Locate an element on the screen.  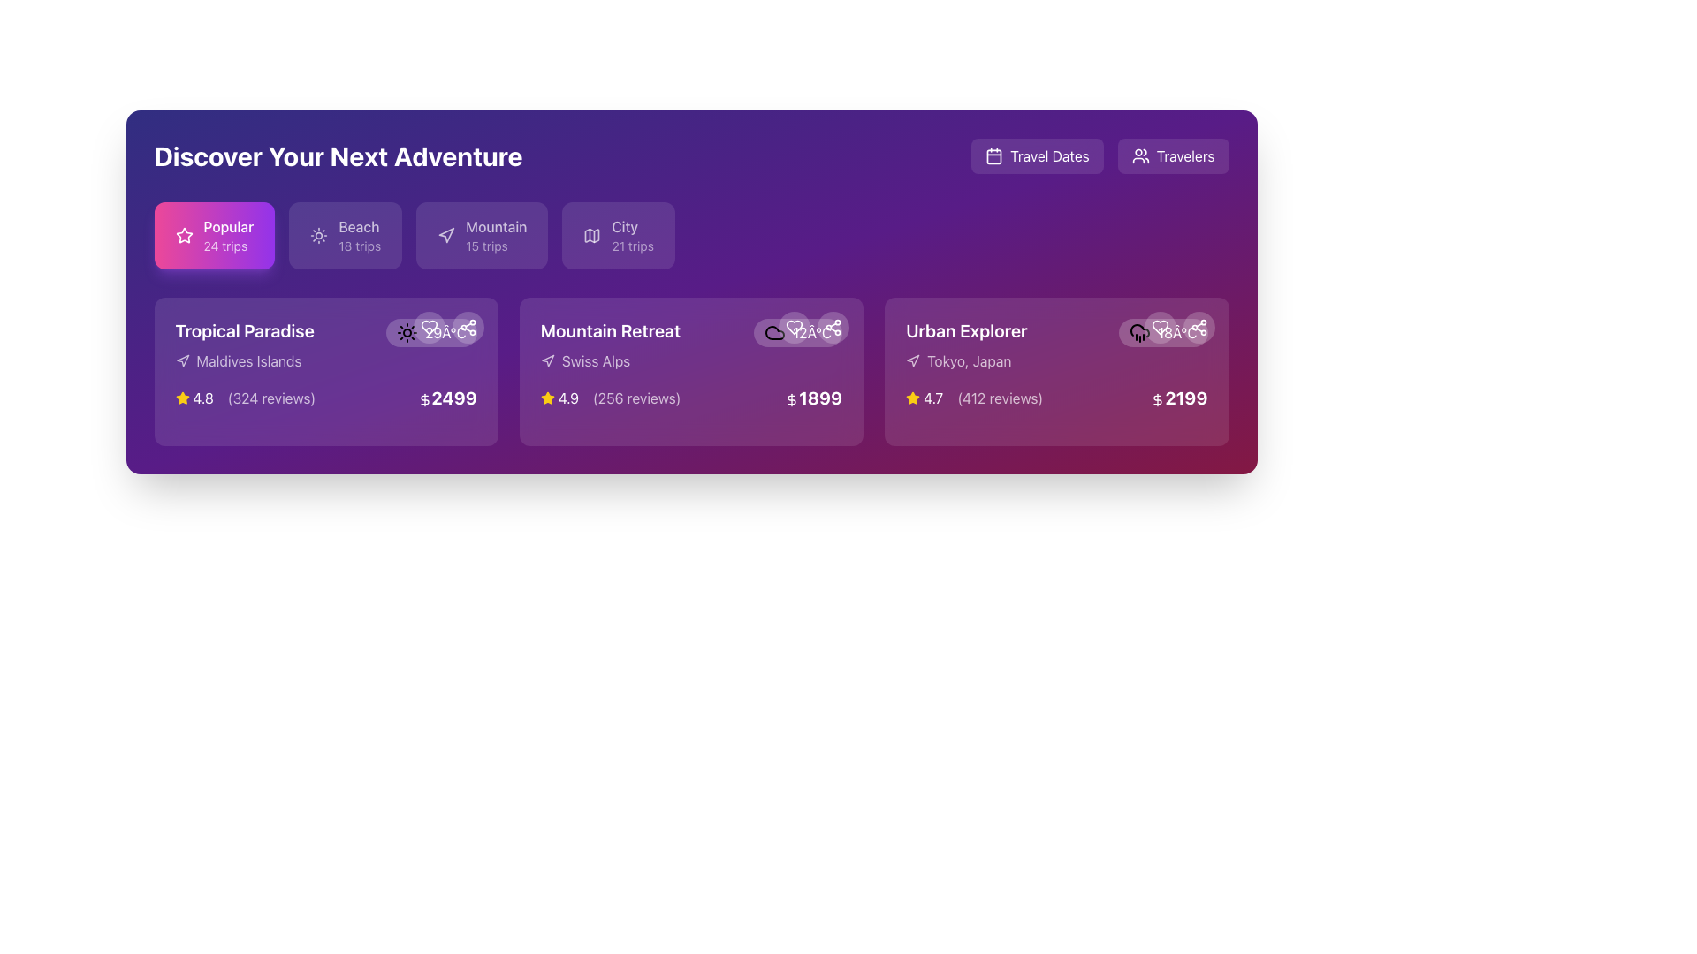
the 'Popular' category filter button, which is the first button in a horizontal series of four buttons near the top of the section is located at coordinates (213, 234).